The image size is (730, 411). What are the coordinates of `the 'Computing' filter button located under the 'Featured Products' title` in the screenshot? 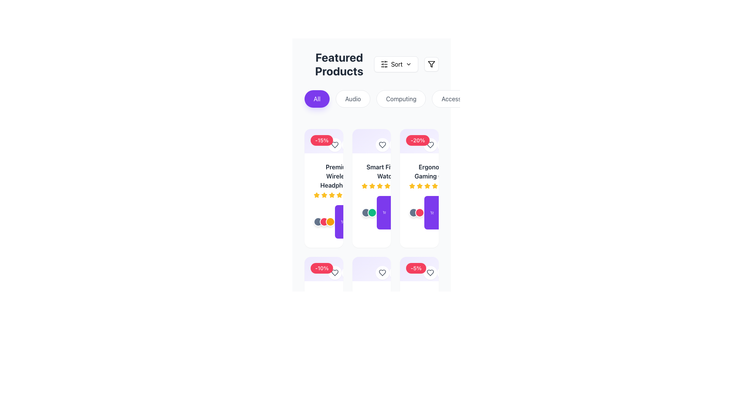 It's located at (401, 98).